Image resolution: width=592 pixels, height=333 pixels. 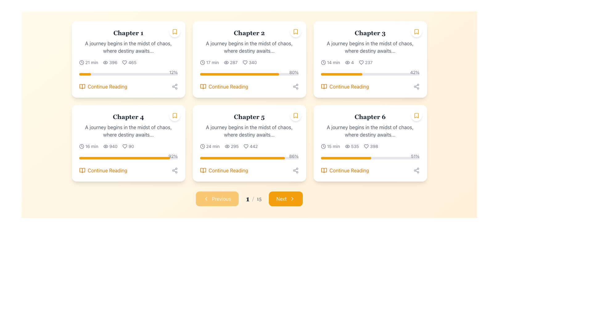 I want to click on the bookmarking icon button located in the top right corner of the 'Chapter 4' card, so click(x=174, y=115).